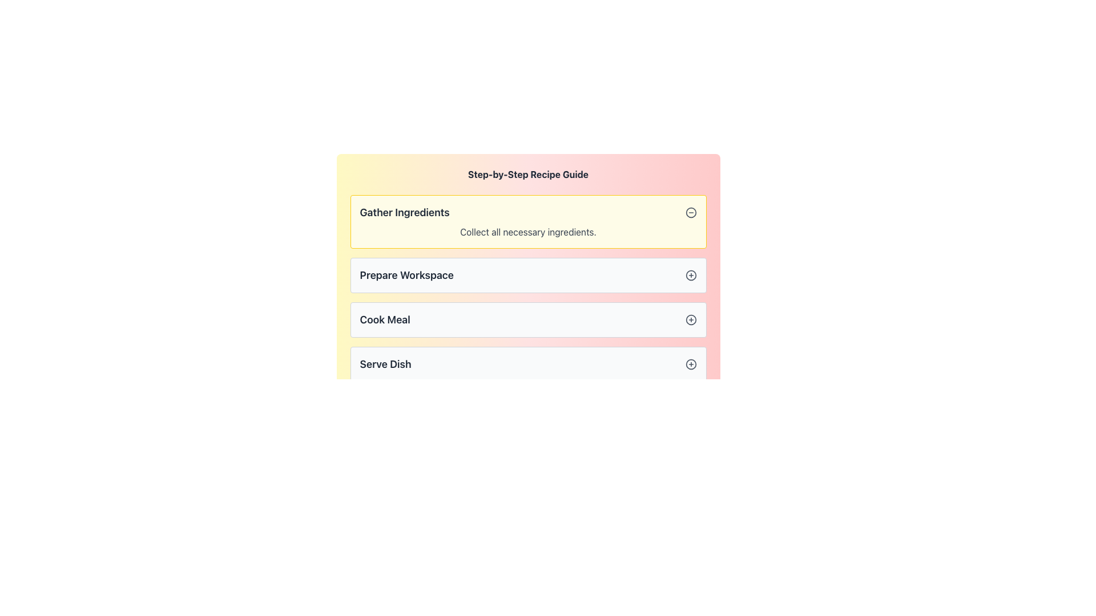 This screenshot has width=1096, height=616. What do you see at coordinates (385, 364) in the screenshot?
I see `the text label indicating the name of the last step in the process, which is positioned at the bottom of the list of steps` at bounding box center [385, 364].